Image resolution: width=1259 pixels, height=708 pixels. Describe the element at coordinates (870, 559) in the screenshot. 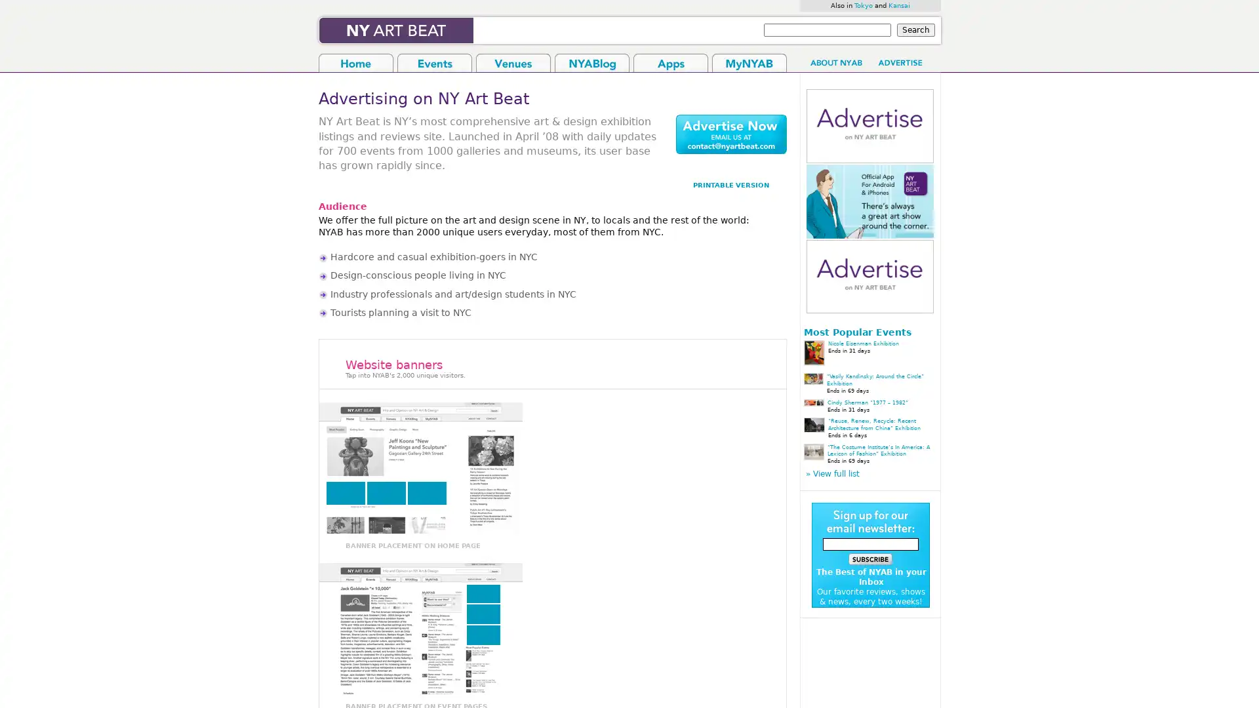

I see `submit` at that location.